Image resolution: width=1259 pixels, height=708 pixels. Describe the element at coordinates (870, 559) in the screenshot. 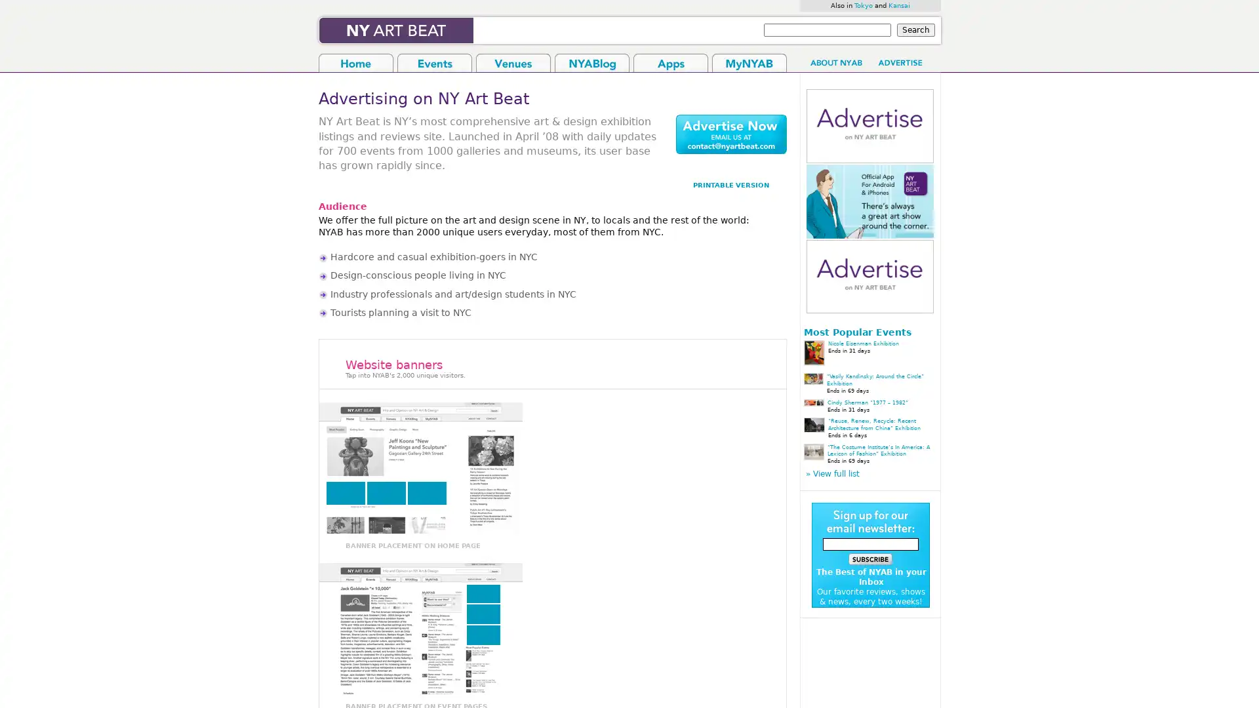

I see `submit` at that location.